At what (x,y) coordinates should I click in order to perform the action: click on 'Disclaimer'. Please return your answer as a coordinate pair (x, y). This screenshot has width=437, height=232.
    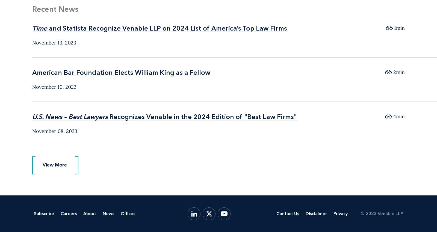
    Looking at the image, I should click on (316, 213).